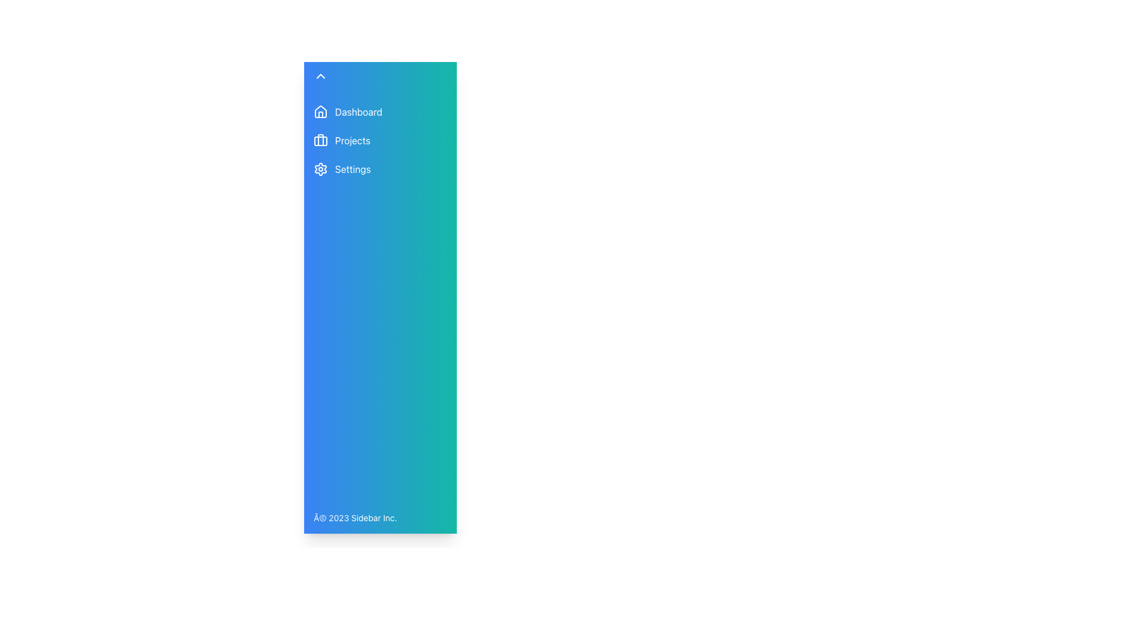 This screenshot has width=1145, height=644. I want to click on the interior vertical rectangle of the house icon that indicates navigation to the 'Dashboard' section of the application, so click(320, 114).